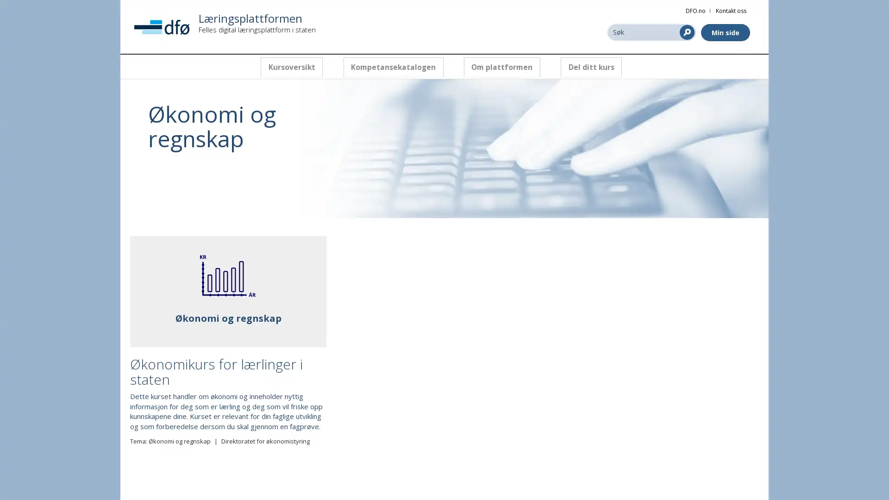 Image resolution: width=889 pixels, height=500 pixels. What do you see at coordinates (687, 31) in the screenshot?
I see `Sk` at bounding box center [687, 31].